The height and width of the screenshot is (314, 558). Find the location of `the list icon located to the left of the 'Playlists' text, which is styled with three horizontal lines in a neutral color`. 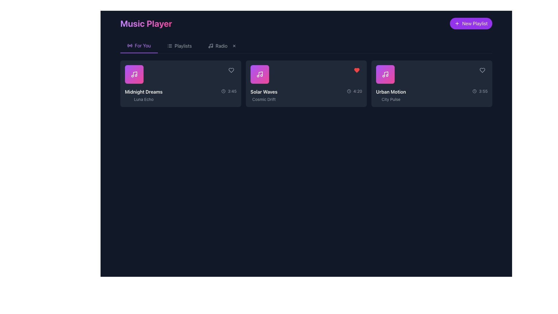

the list icon located to the left of the 'Playlists' text, which is styled with three horizontal lines in a neutral color is located at coordinates (169, 46).